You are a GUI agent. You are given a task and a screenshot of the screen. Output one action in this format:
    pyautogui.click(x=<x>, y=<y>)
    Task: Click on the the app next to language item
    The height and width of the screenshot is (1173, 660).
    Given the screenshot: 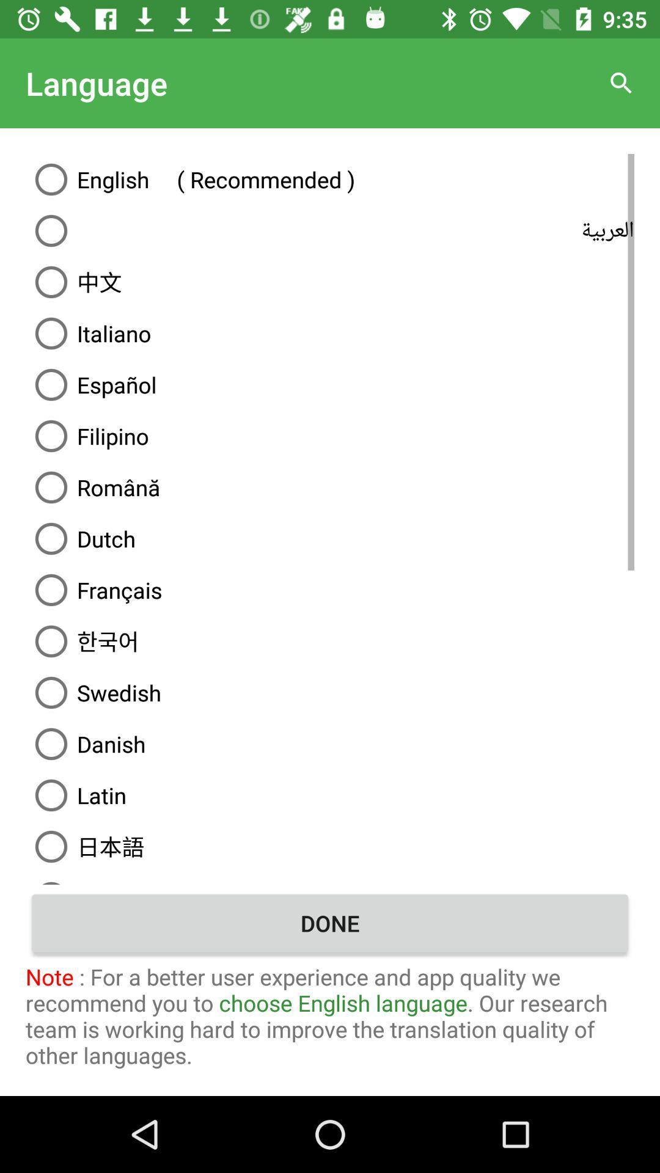 What is the action you would take?
    pyautogui.click(x=621, y=82)
    